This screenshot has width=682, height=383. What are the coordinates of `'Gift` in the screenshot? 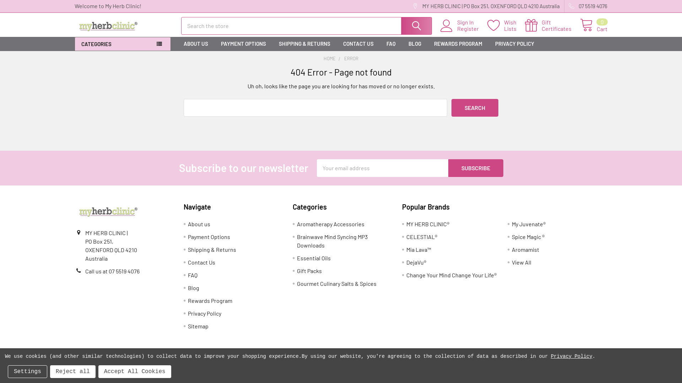 It's located at (552, 25).